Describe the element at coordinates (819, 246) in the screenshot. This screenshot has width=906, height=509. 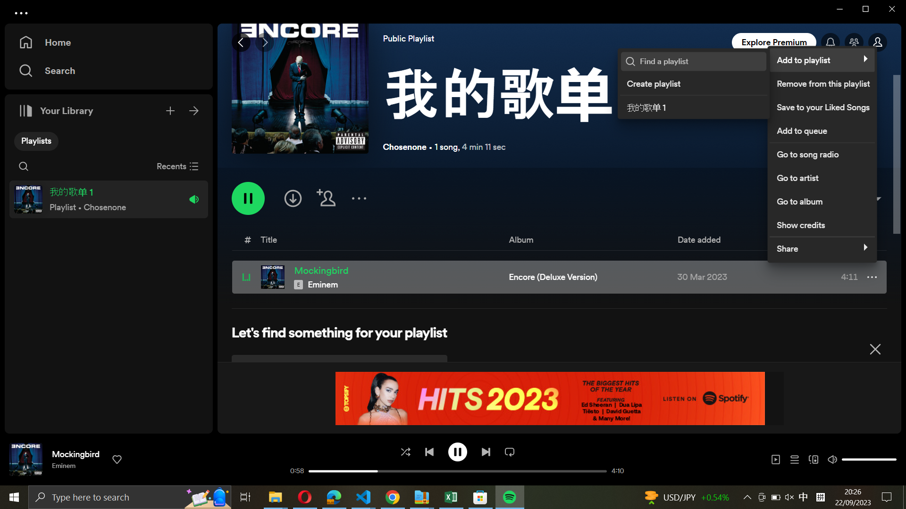
I see `Circulate the musical piece` at that location.